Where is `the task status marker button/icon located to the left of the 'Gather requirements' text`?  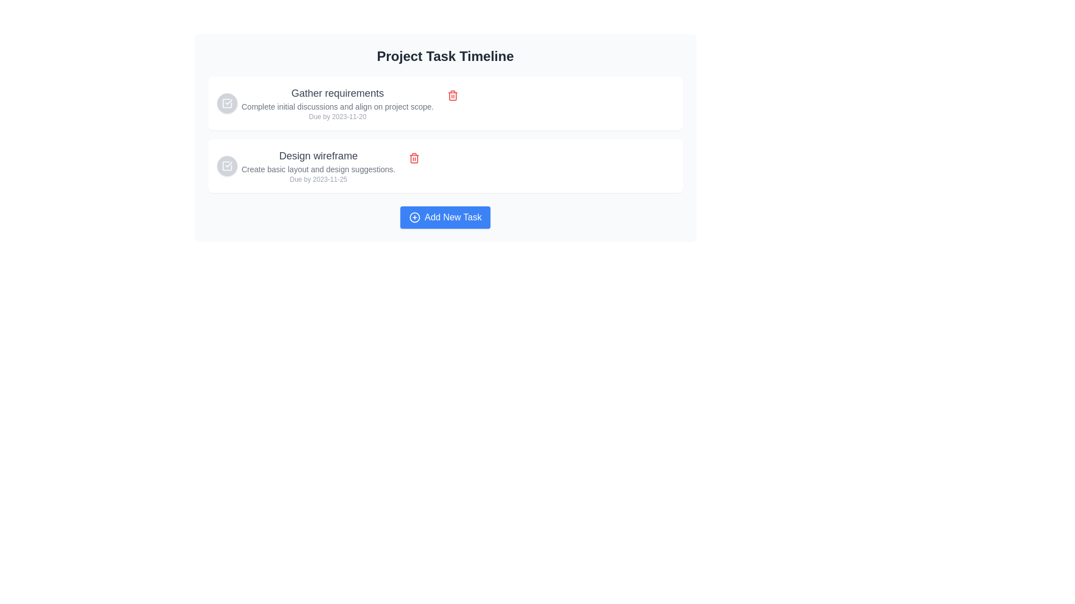
the task status marker button/icon located to the left of the 'Gather requirements' text is located at coordinates (226, 103).